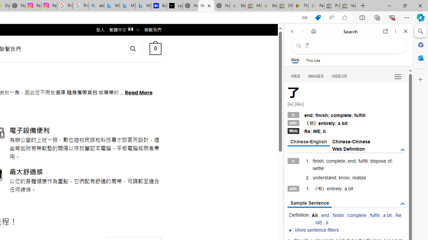 This screenshot has width=428, height=240. What do you see at coordinates (96, 6) in the screenshot?
I see `'alabama high school quarterback dies - Search'` at bounding box center [96, 6].